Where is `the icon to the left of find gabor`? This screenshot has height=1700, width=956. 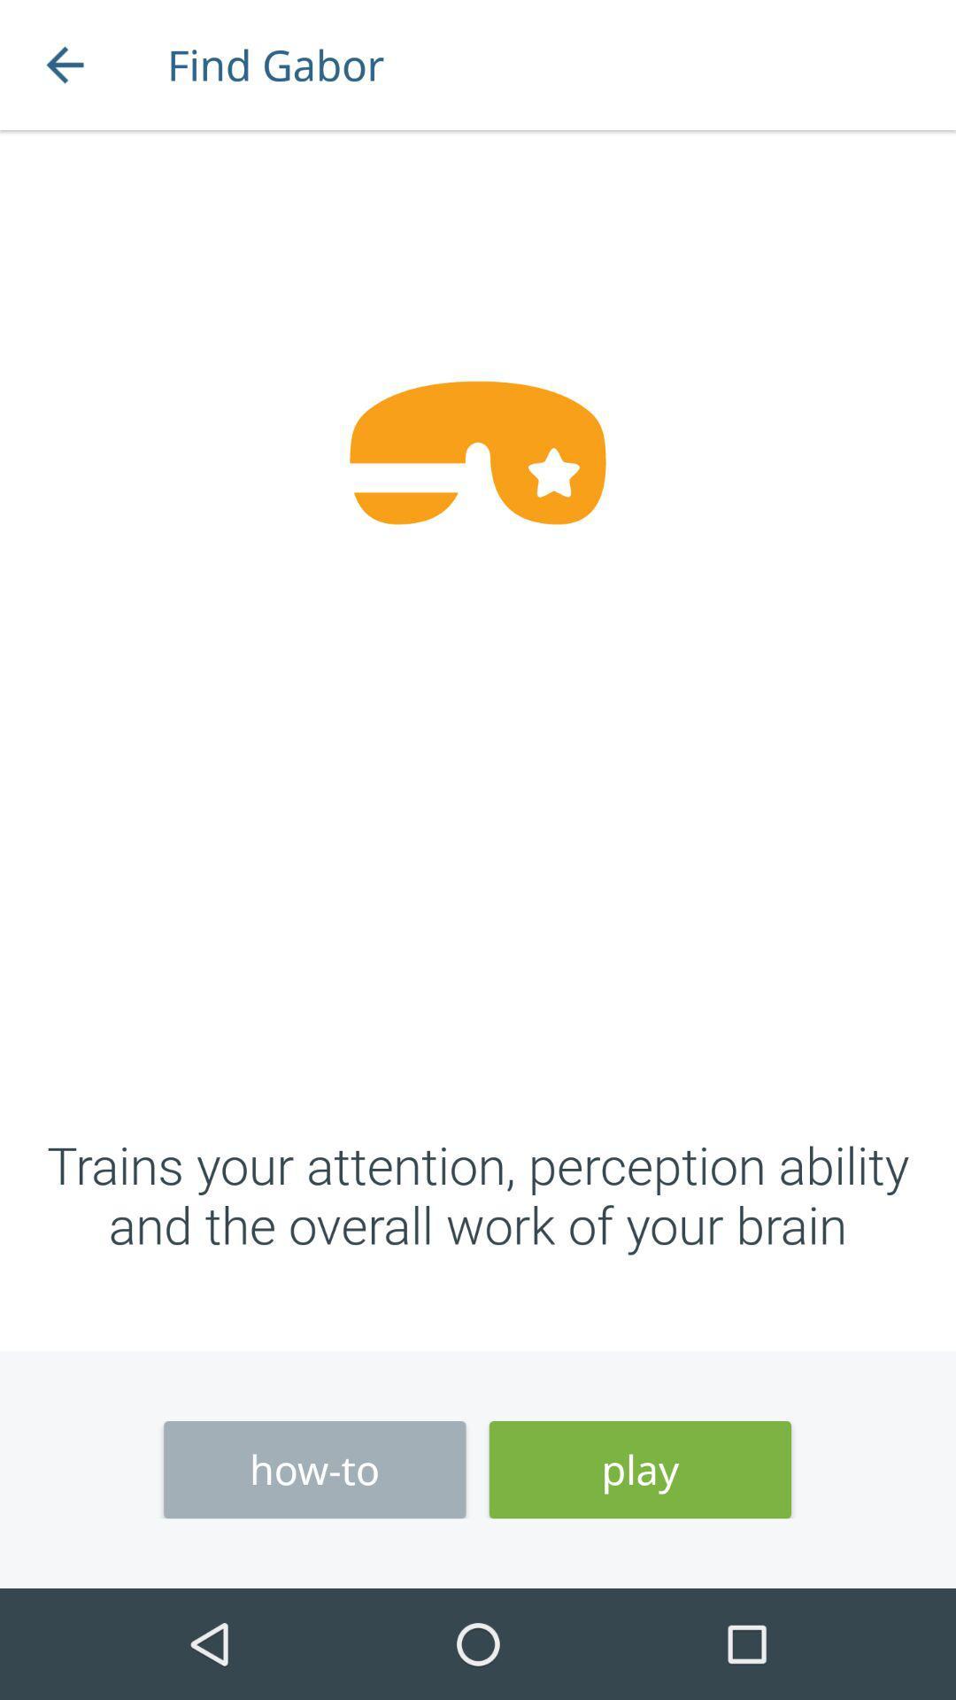
the icon to the left of find gabor is located at coordinates (64, 65).